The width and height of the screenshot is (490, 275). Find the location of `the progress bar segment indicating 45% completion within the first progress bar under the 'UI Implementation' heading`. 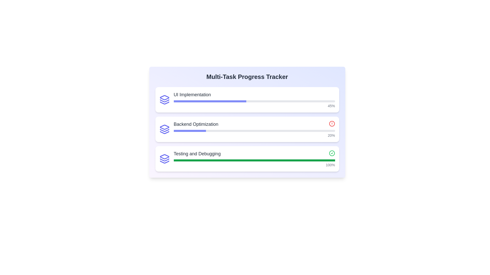

the progress bar segment indicating 45% completion within the first progress bar under the 'UI Implementation' heading is located at coordinates (210, 101).